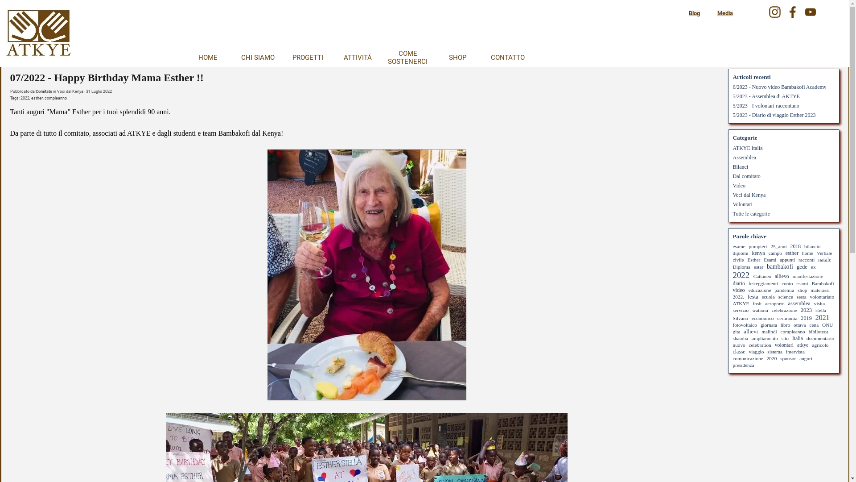 This screenshot has width=856, height=482. Describe the element at coordinates (761, 296) in the screenshot. I see `'scuola'` at that location.